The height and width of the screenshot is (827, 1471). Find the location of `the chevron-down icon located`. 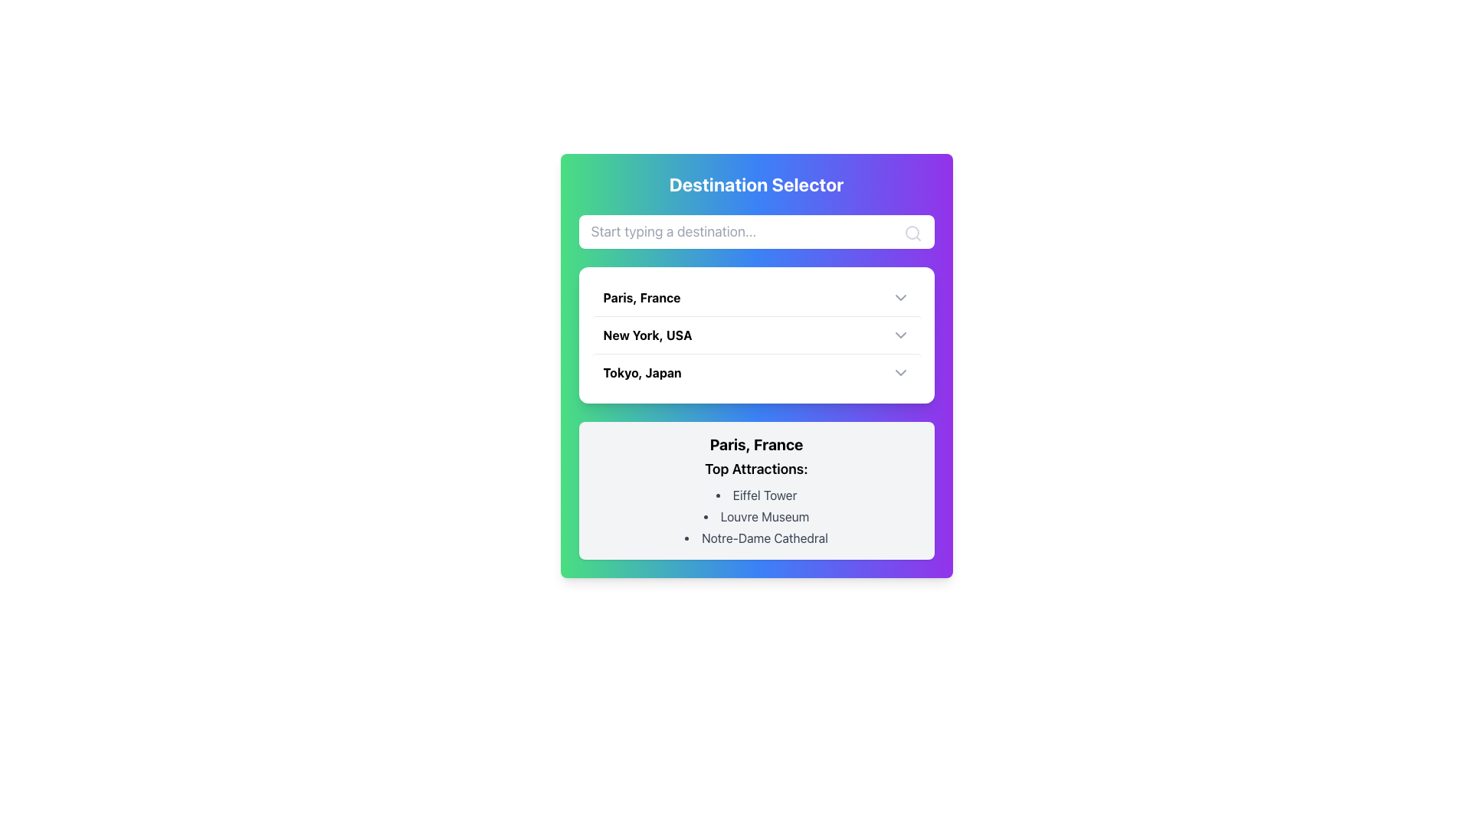

the chevron-down icon located is located at coordinates (900, 335).